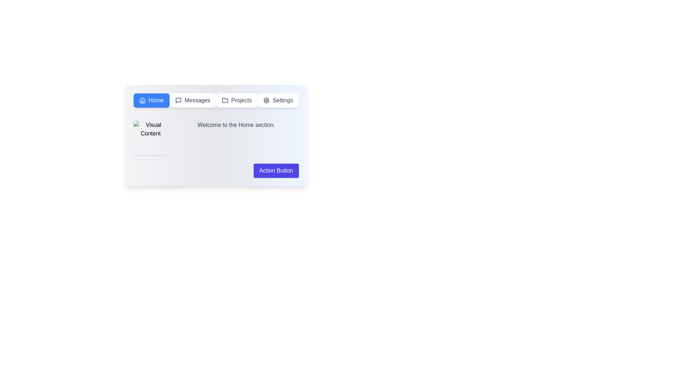 This screenshot has width=684, height=385. I want to click on the 'Messages' text label in the navigation bar, so click(197, 100).